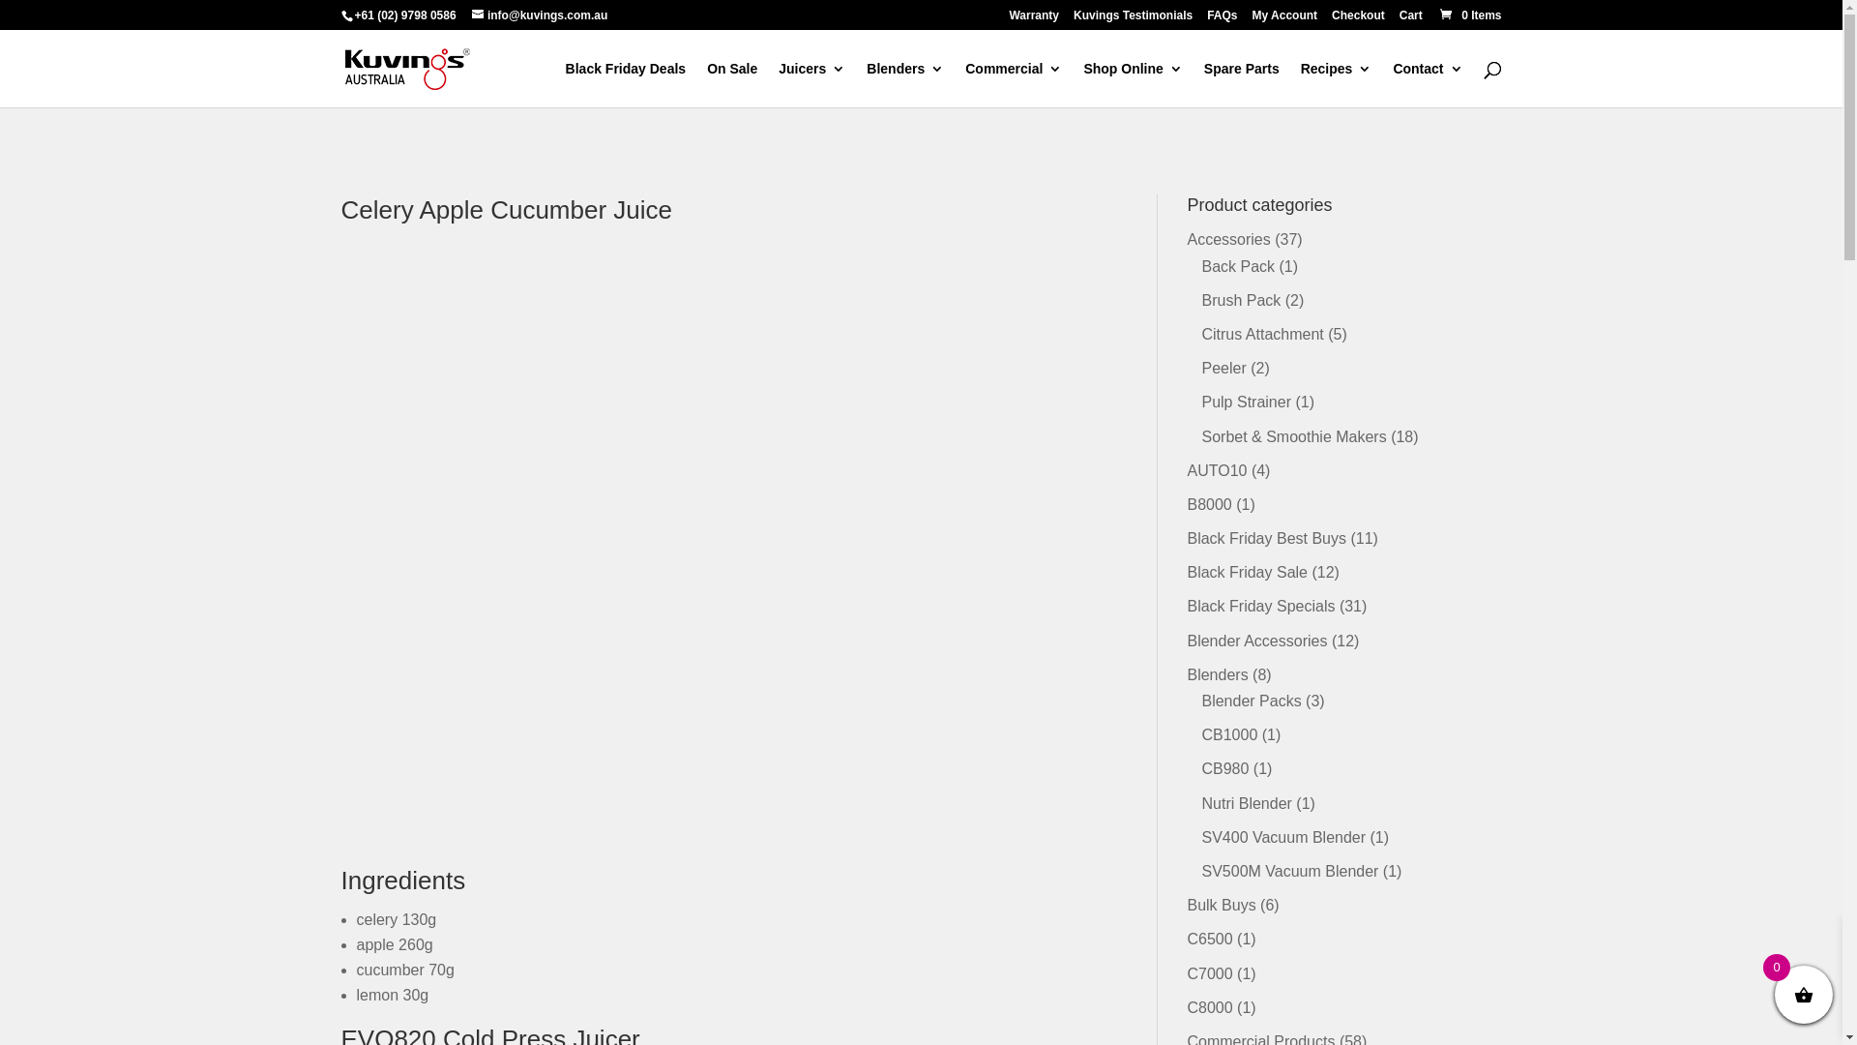  What do you see at coordinates (1033, 19) in the screenshot?
I see `'Warranty'` at bounding box center [1033, 19].